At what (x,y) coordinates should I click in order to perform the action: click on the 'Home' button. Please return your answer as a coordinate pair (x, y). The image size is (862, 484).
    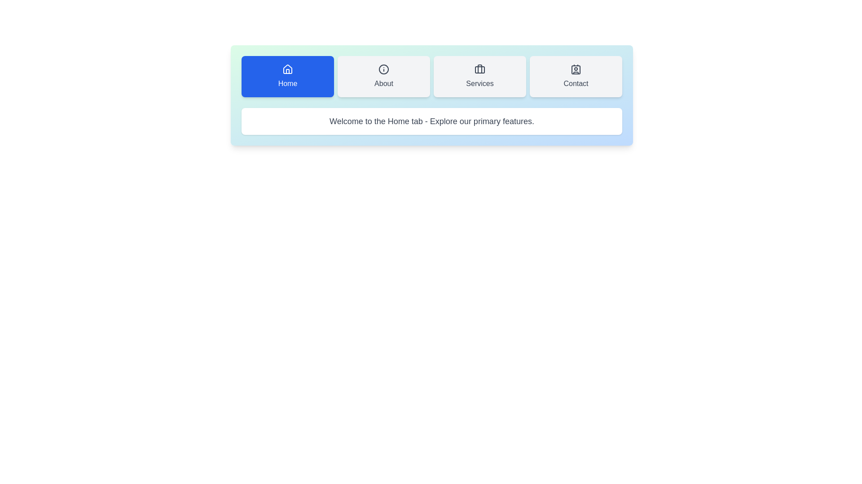
    Looking at the image, I should click on (288, 76).